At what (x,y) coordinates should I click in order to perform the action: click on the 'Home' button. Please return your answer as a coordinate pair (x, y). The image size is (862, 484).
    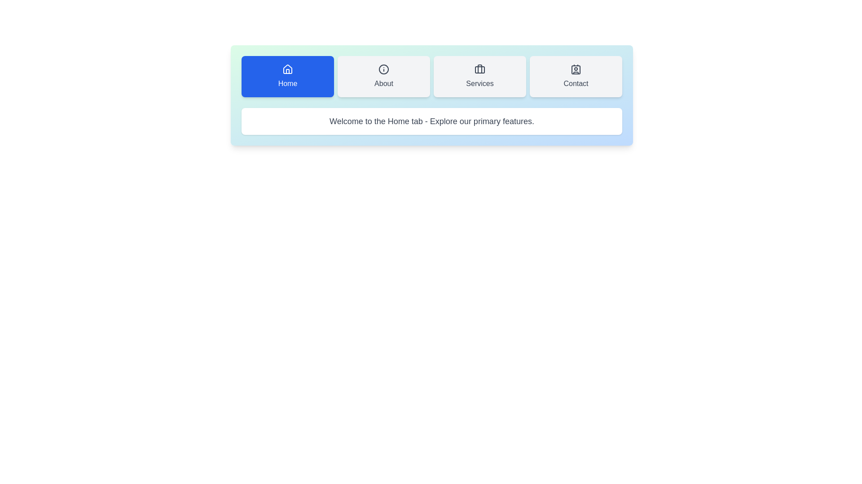
    Looking at the image, I should click on (288, 76).